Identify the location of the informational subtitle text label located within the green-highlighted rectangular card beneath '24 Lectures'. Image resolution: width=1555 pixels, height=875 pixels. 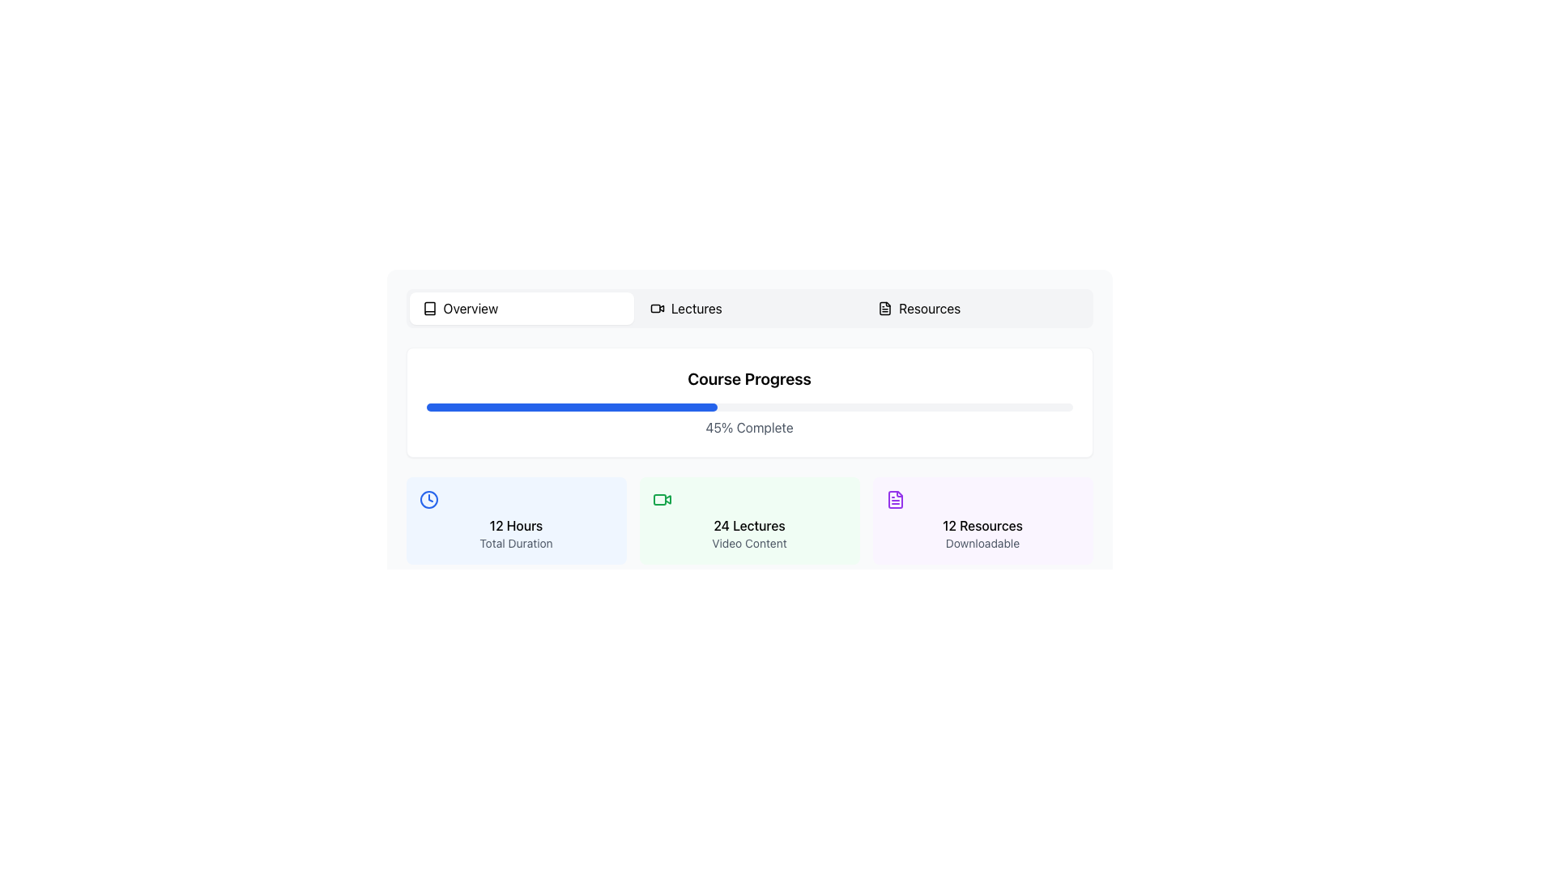
(748, 544).